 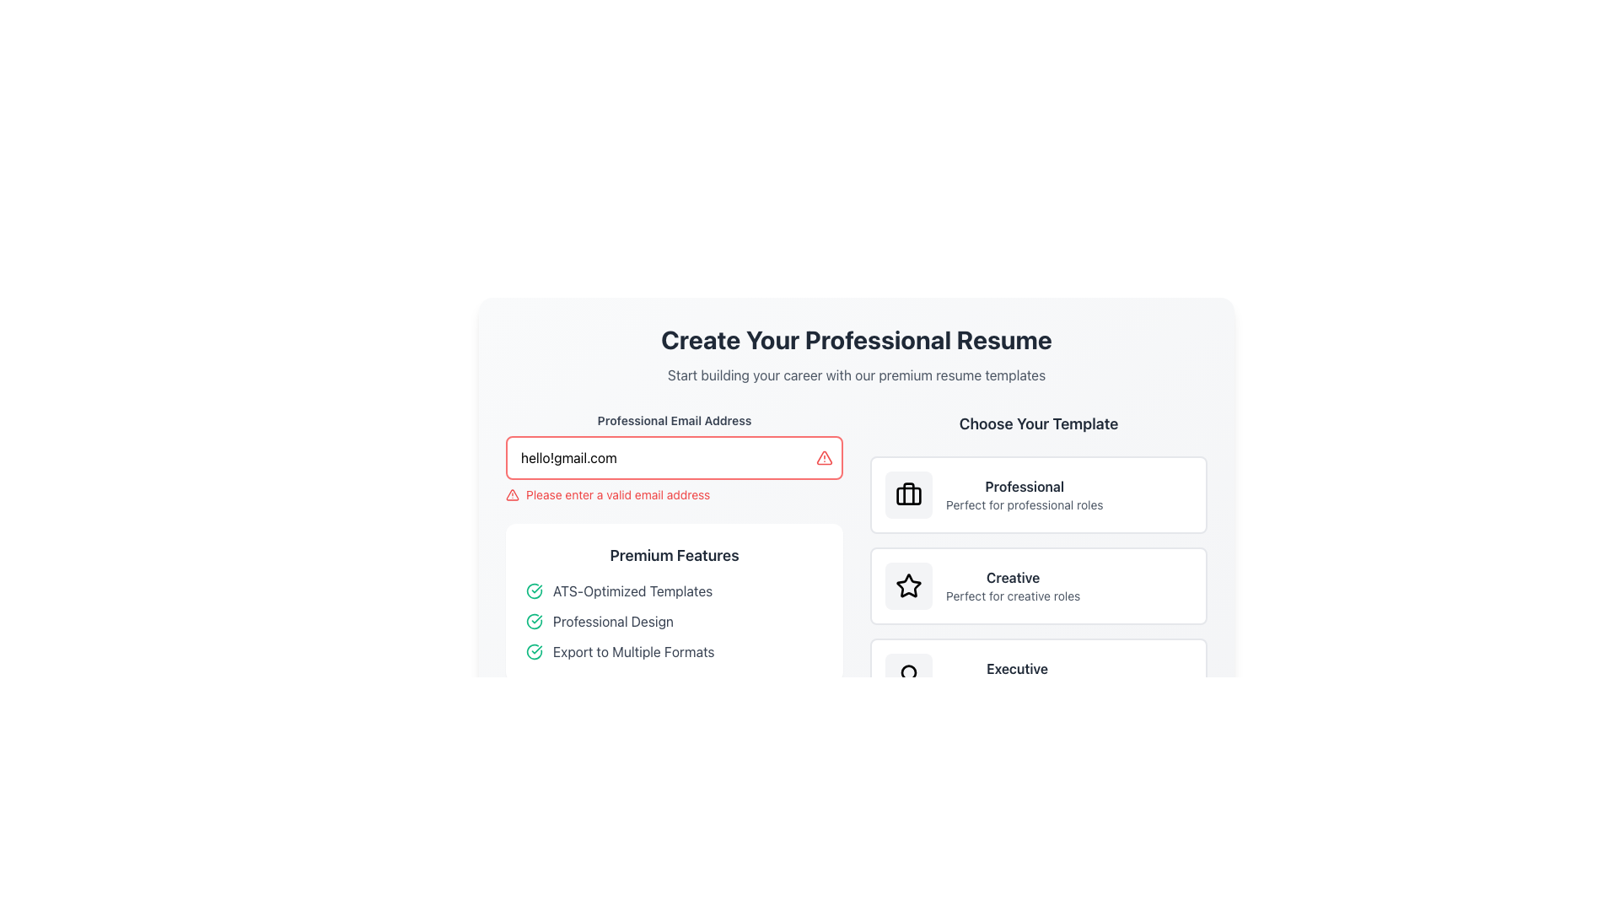 What do you see at coordinates (675, 458) in the screenshot?
I see `the text input field styled with a red border containing the text 'hello!gmail.com' to focus it` at bounding box center [675, 458].